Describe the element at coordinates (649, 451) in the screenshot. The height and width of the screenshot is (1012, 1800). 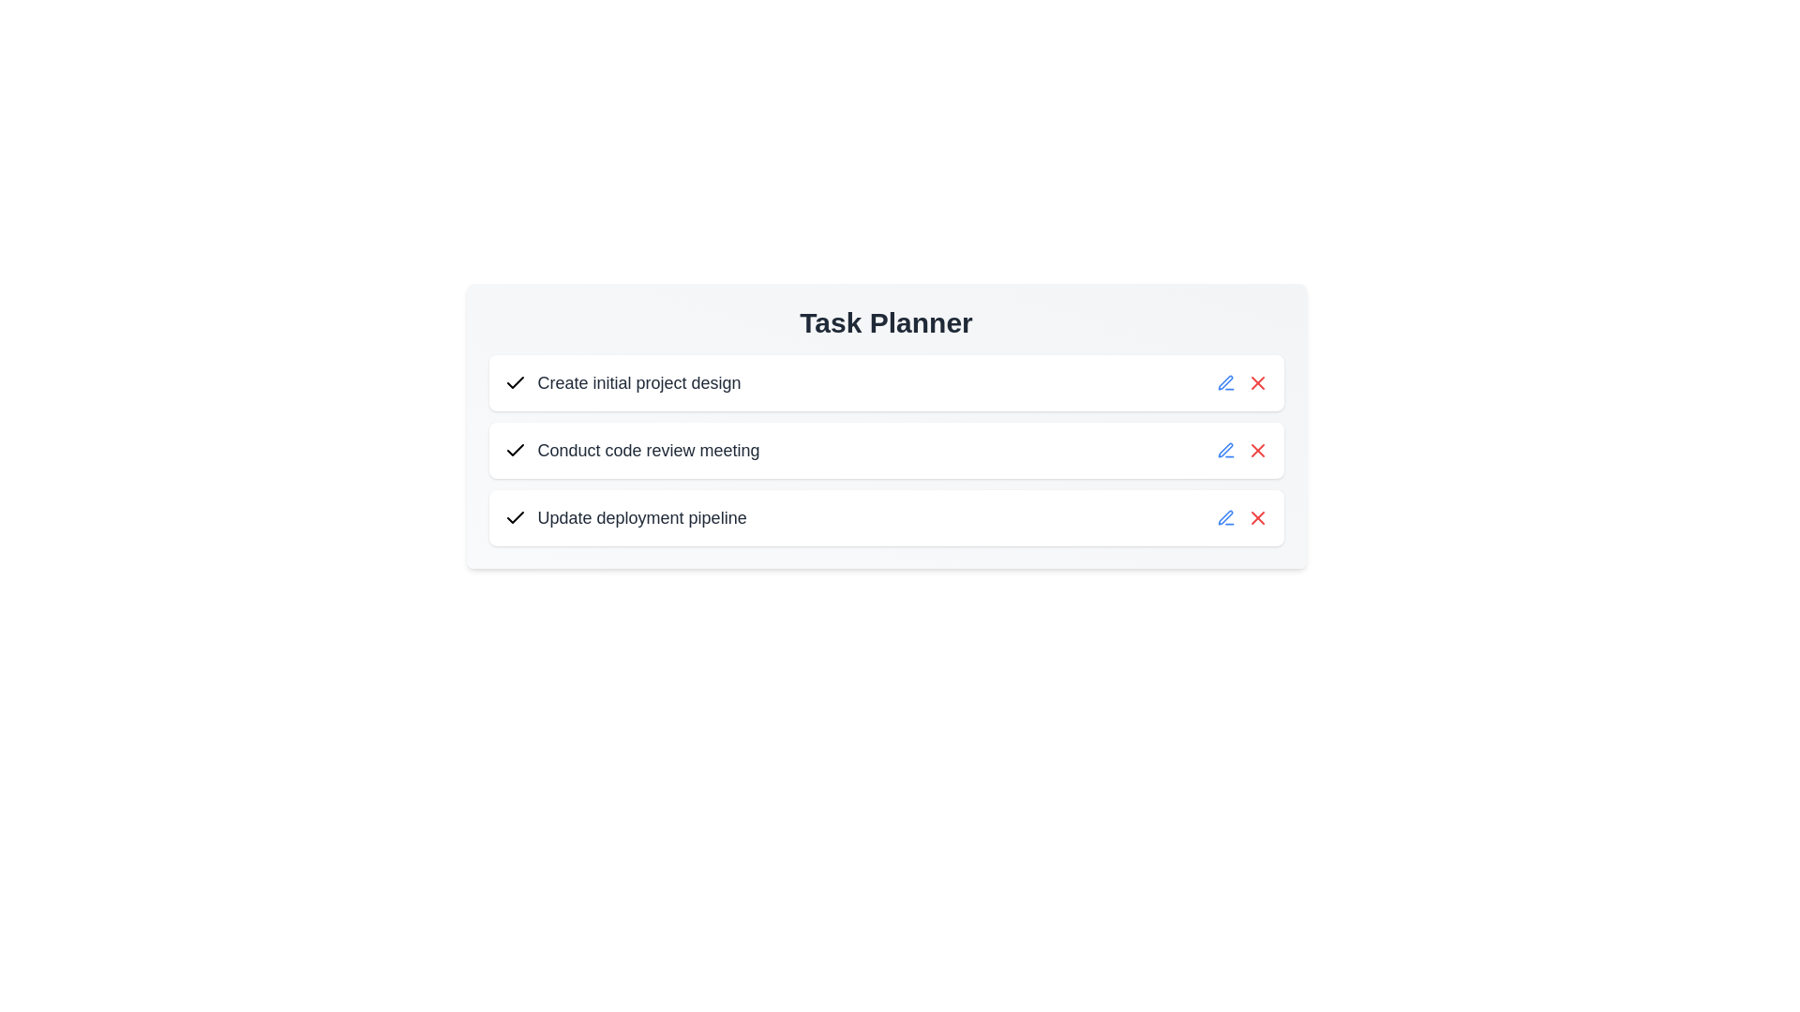
I see `the text label that reads 'Conduct code review meeting', which is styled in gray font and located in the second task row of a vertical task list` at that location.